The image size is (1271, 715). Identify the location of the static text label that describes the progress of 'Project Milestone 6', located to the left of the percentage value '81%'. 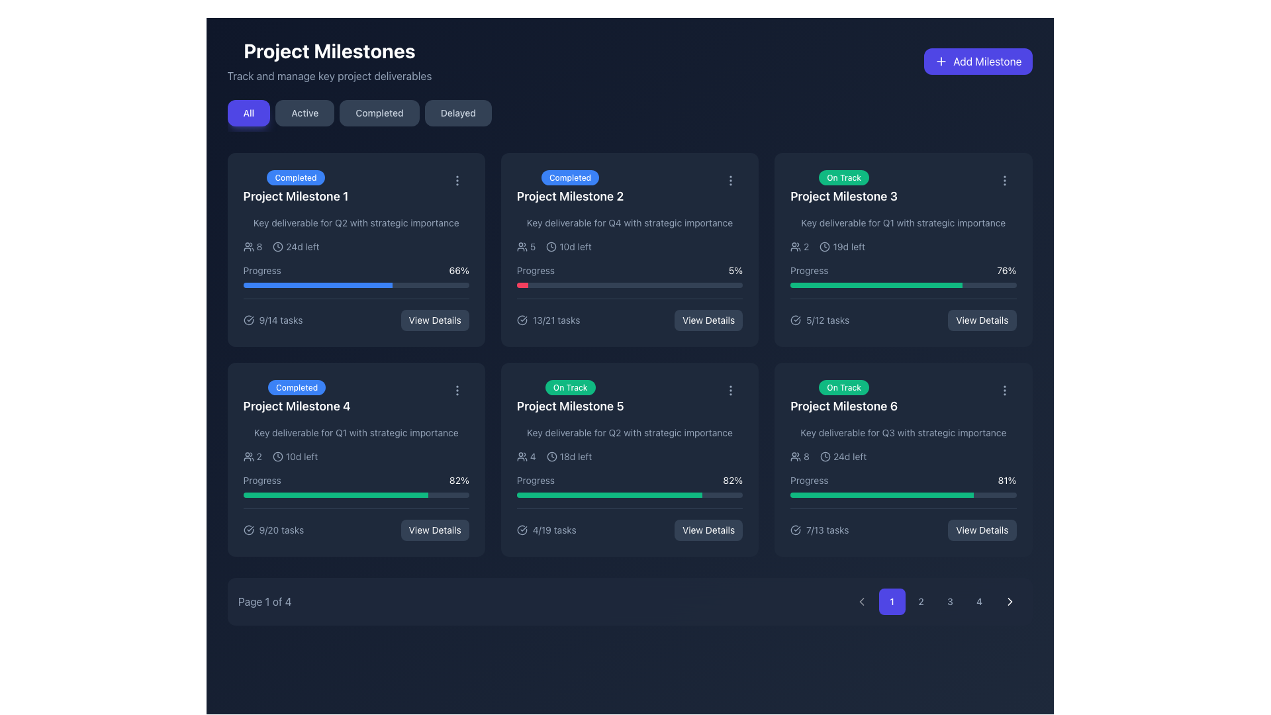
(808, 480).